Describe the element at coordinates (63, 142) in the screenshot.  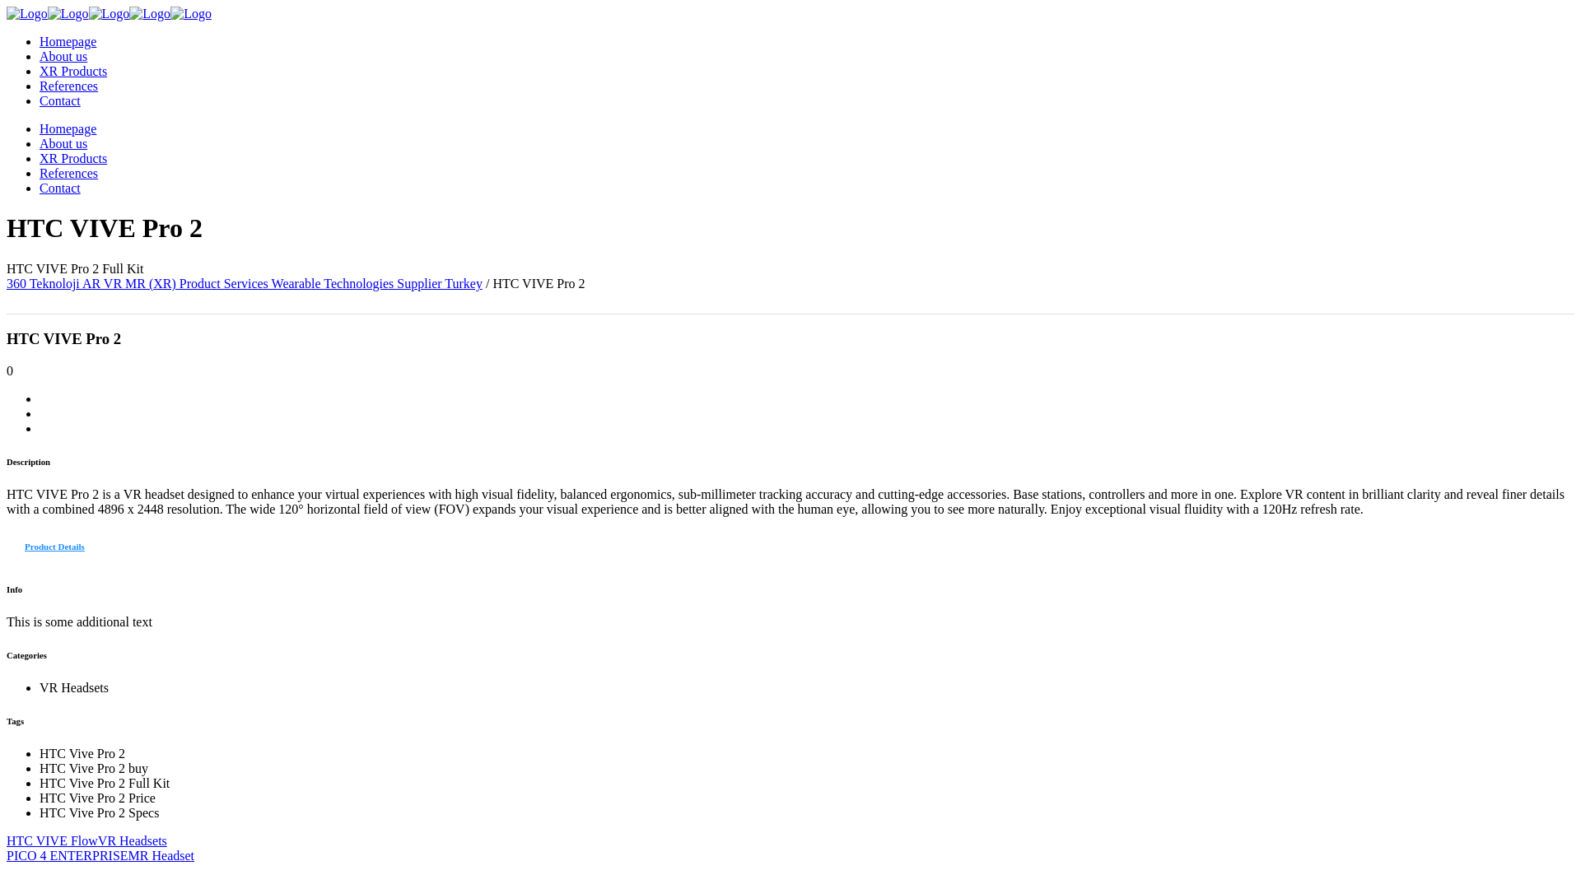
I see `'About us'` at that location.